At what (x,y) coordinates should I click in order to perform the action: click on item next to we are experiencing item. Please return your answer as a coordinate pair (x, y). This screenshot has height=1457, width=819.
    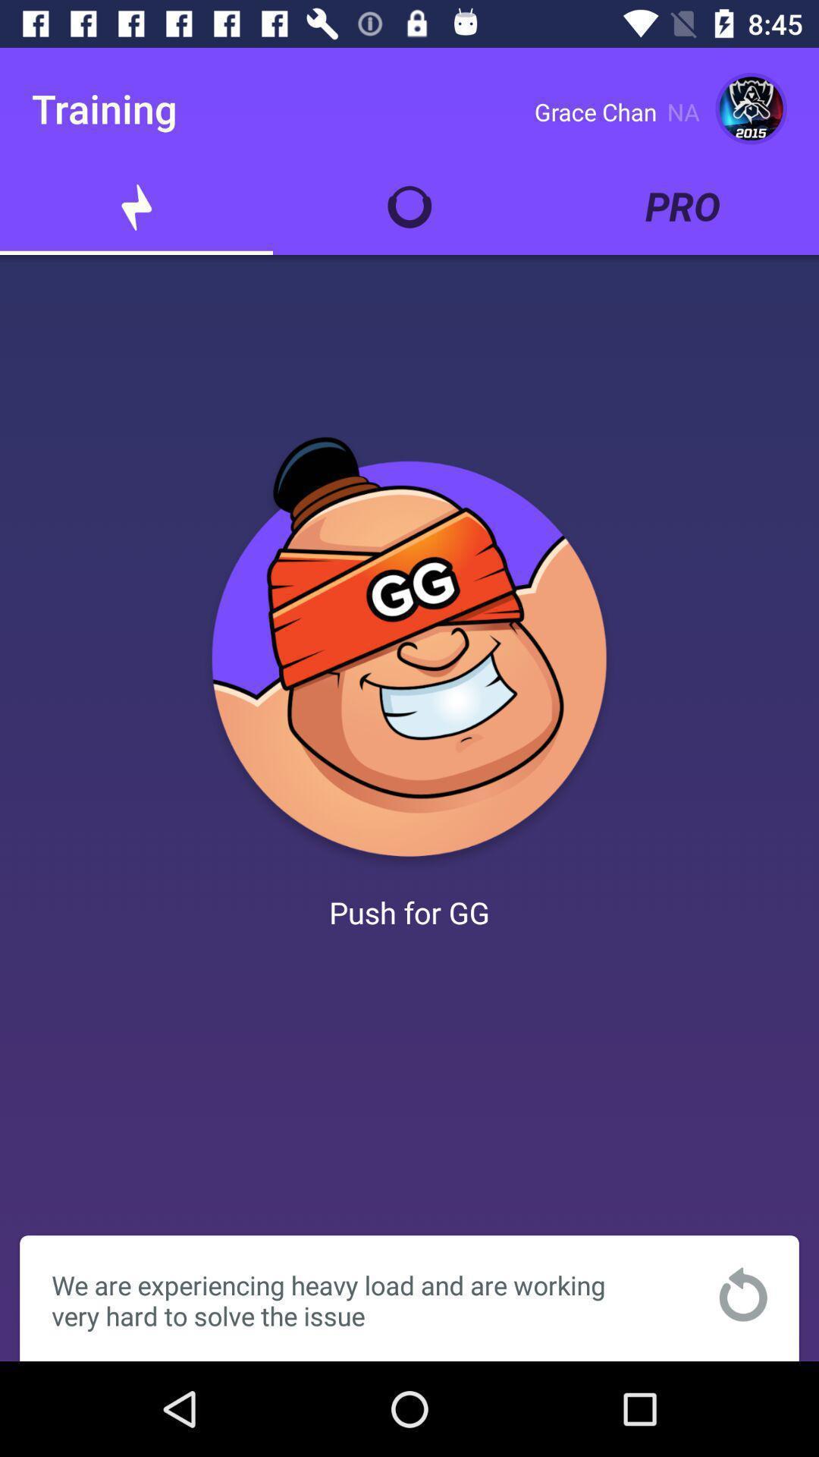
    Looking at the image, I should click on (742, 1293).